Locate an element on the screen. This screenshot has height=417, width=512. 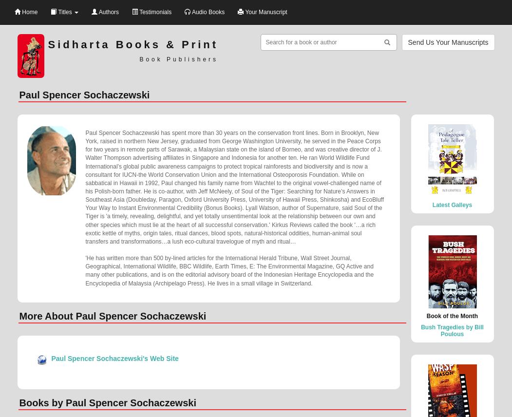
'Paul Spencer Sochaczewski's Web Site' is located at coordinates (114, 358).